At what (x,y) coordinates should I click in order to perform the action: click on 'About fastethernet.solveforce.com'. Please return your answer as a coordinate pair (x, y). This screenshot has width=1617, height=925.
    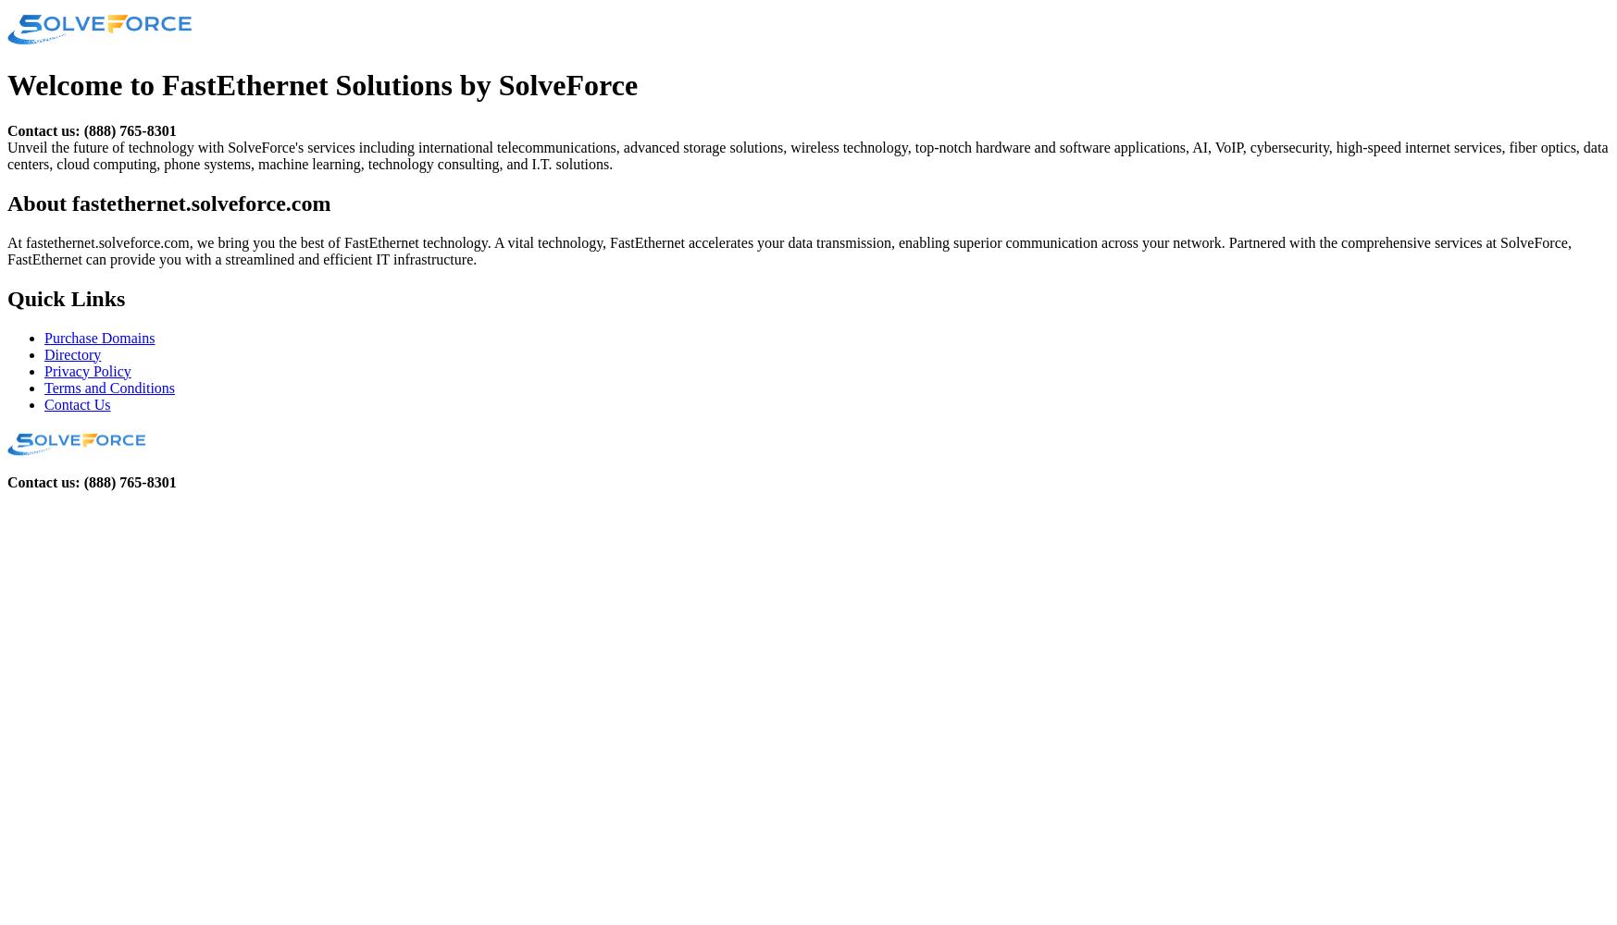
    Looking at the image, I should click on (168, 202).